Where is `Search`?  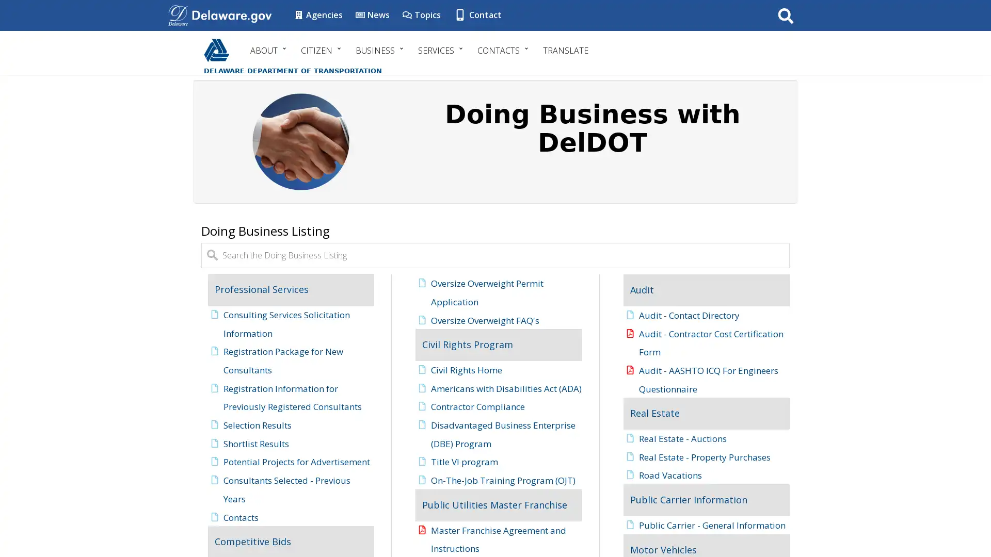
Search is located at coordinates (785, 15).